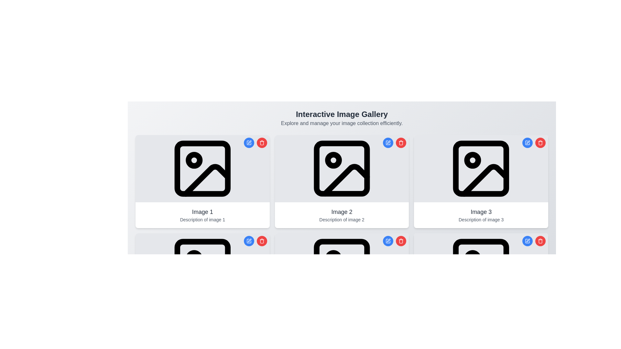 The image size is (621, 349). What do you see at coordinates (249, 240) in the screenshot?
I see `the 'edit' icon for 'Image 2' located in the toolbar section of the 'Interactive Image Gallery'` at bounding box center [249, 240].